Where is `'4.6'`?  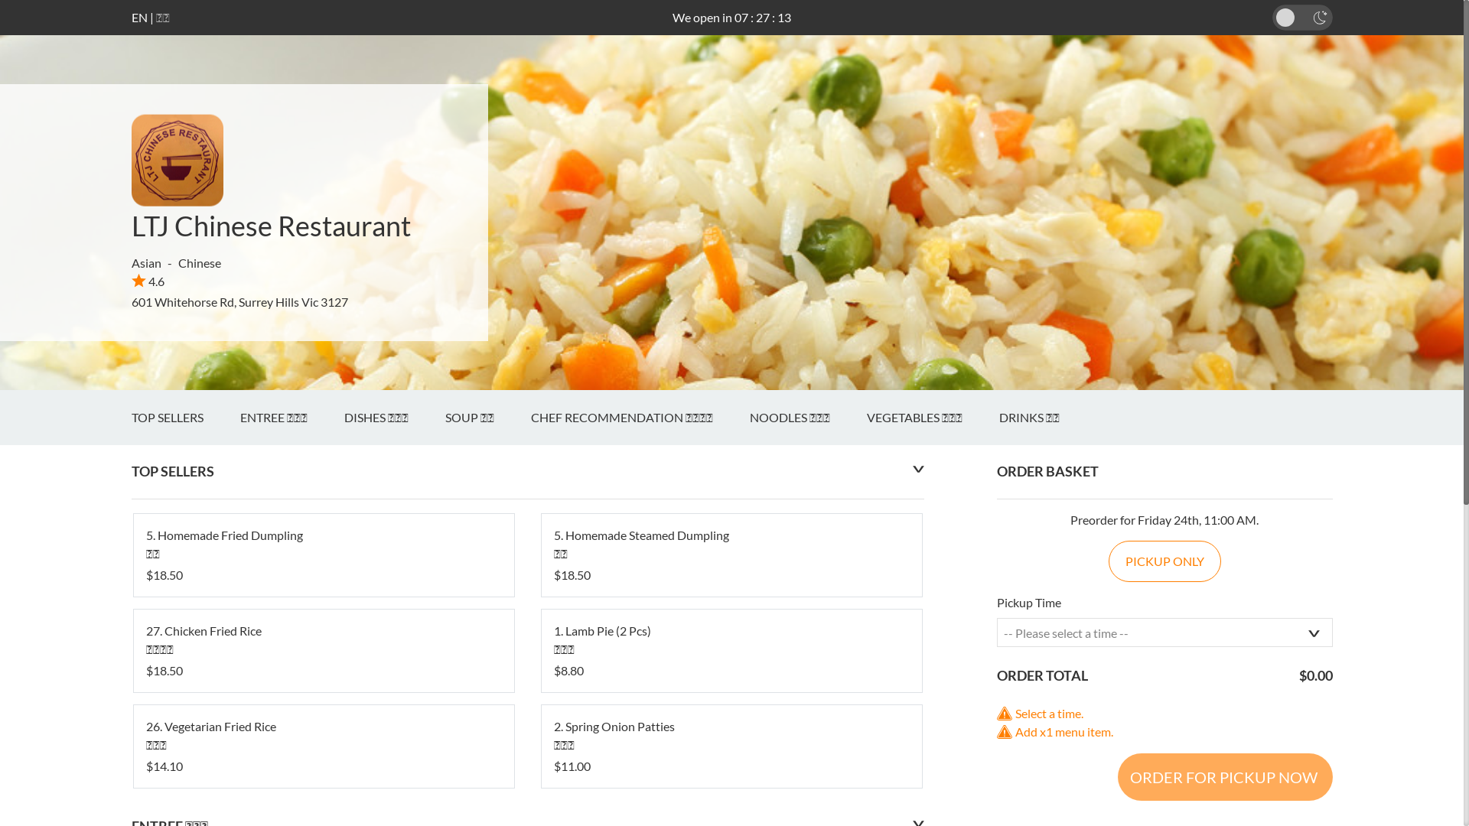
'4.6' is located at coordinates (148, 281).